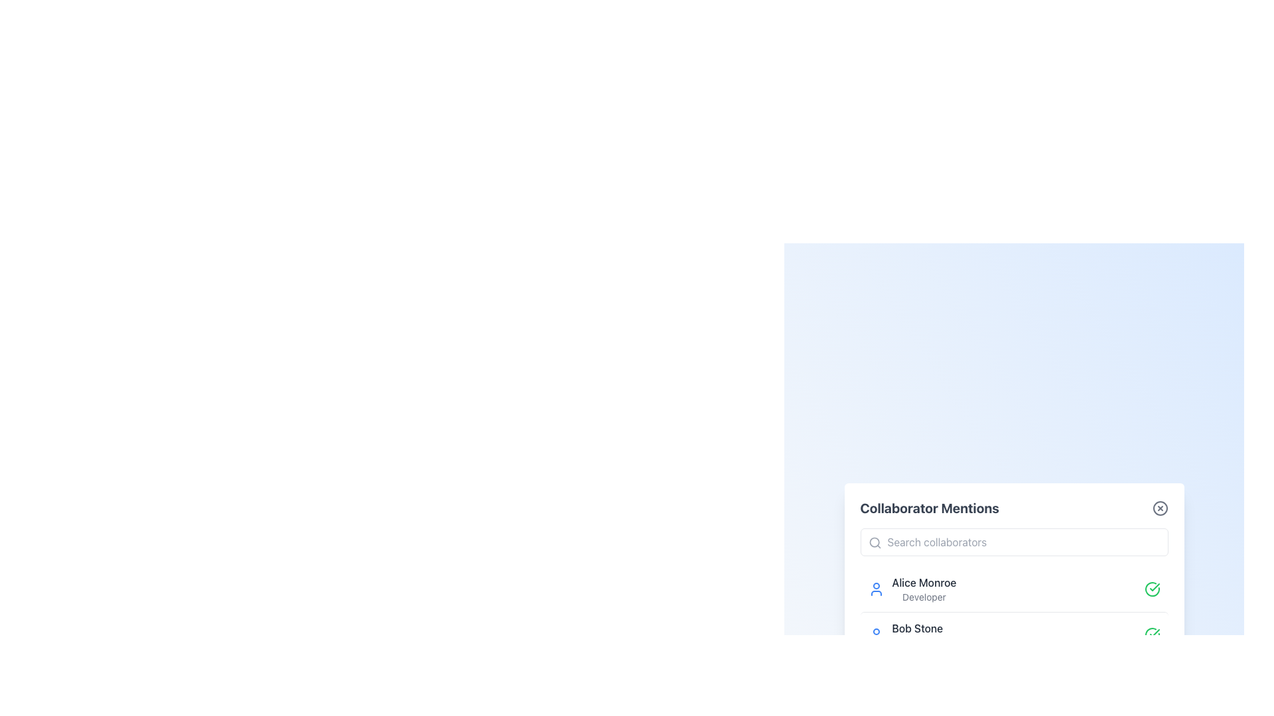 The width and height of the screenshot is (1274, 716). Describe the element at coordinates (875, 542) in the screenshot. I see `the appearance of the decorative icon located in the top-left corner of the search input field within the 'Collaborator Mentions' section` at that location.